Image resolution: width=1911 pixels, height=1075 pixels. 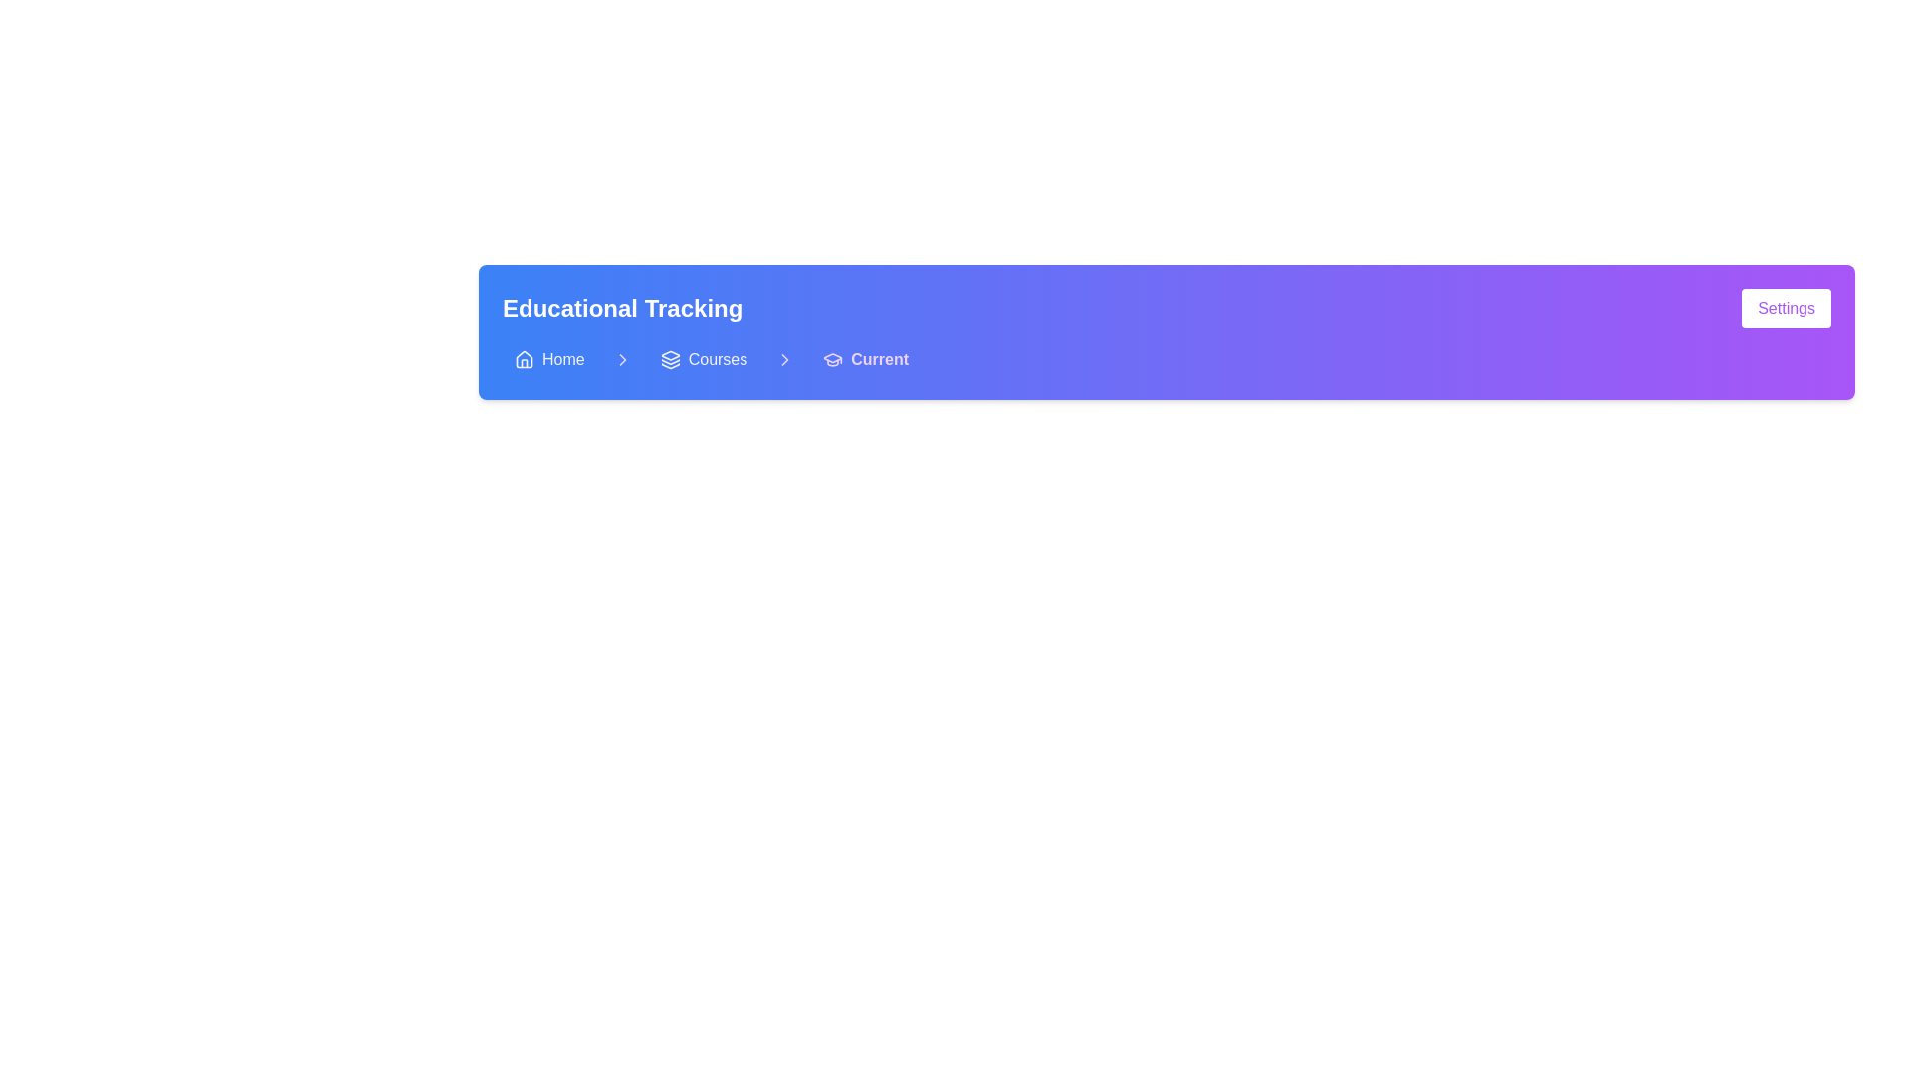 I want to click on the graduation cap icon with a white outline on a blue background, located in the breadcrumb navigation bar to the left of the text 'Current', so click(x=833, y=360).